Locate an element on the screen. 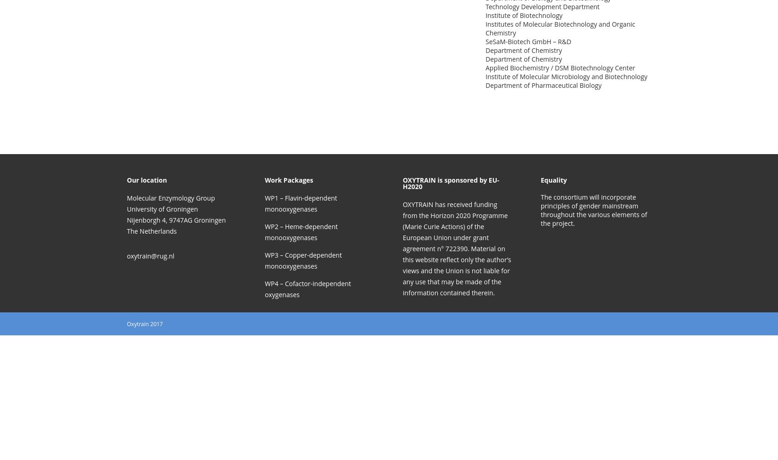 The image size is (778, 460). 'WP2 – Heme-dependent monooxygenases' is located at coordinates (301, 232).